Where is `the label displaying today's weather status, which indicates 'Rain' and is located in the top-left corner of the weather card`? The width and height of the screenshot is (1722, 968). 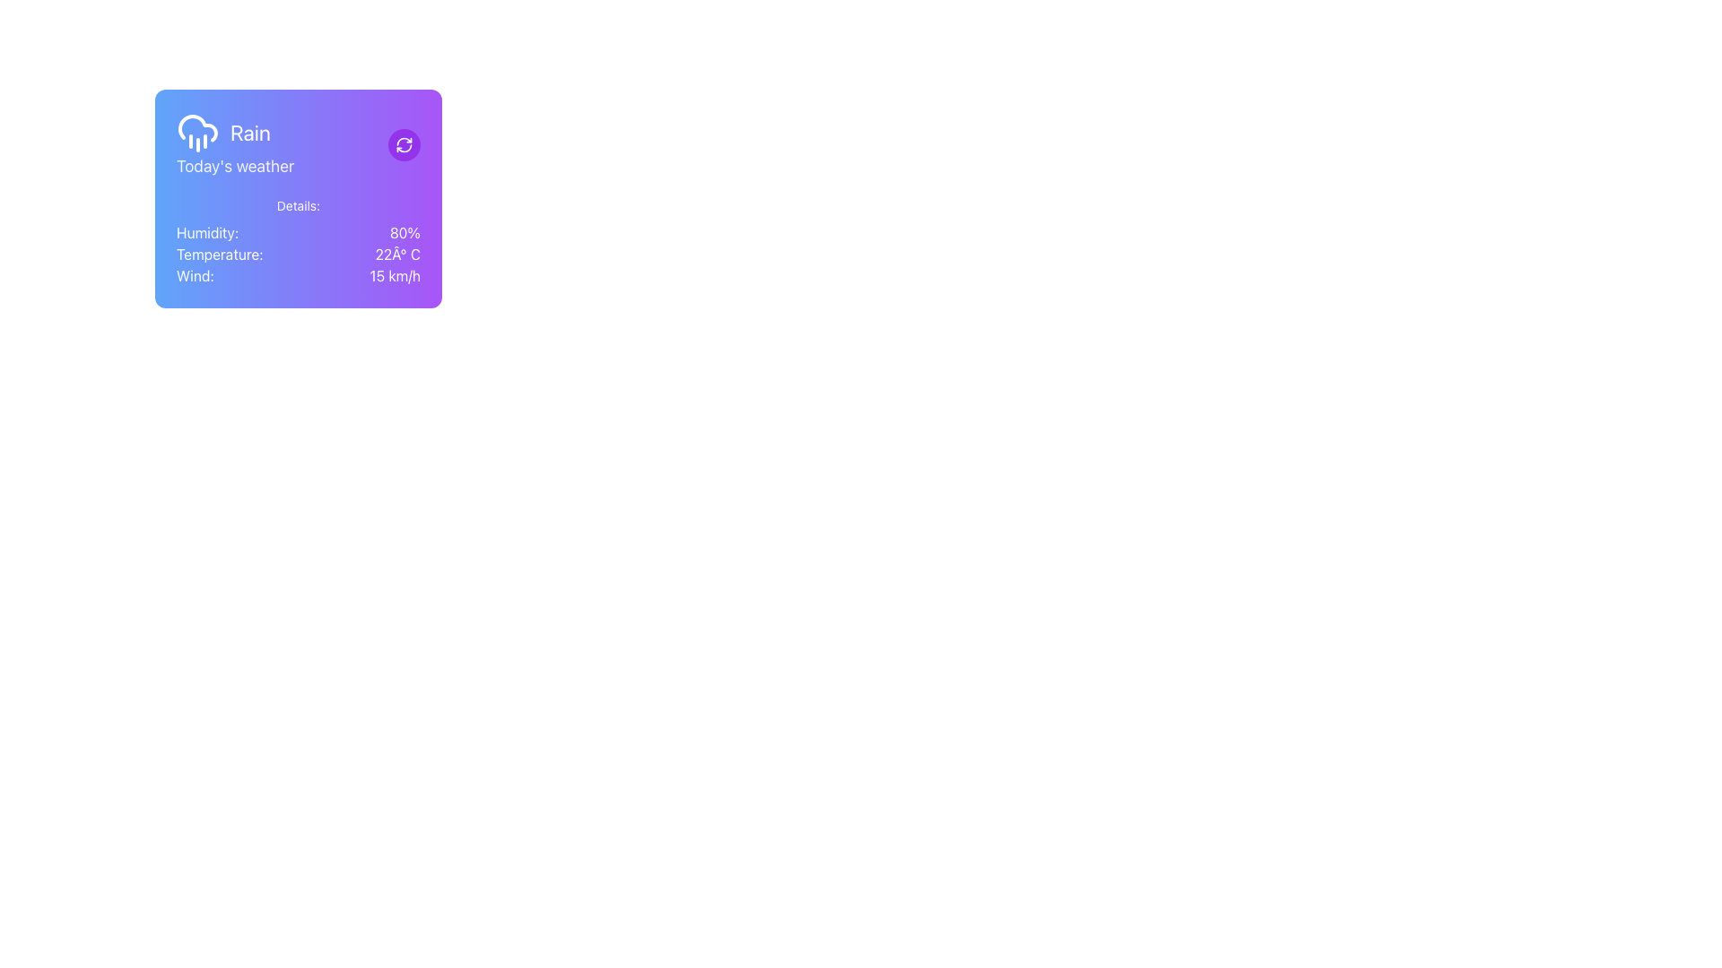 the label displaying today's weather status, which indicates 'Rain' and is located in the top-left corner of the weather card is located at coordinates (234, 144).